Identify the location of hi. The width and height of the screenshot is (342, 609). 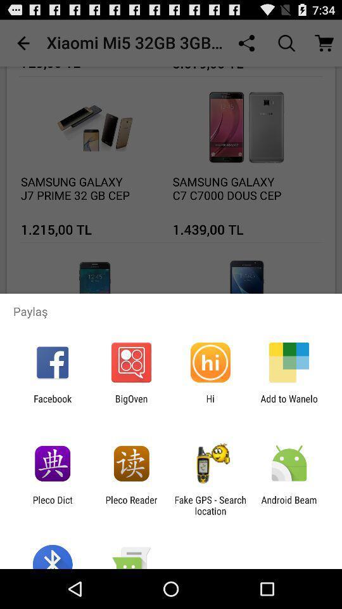
(210, 403).